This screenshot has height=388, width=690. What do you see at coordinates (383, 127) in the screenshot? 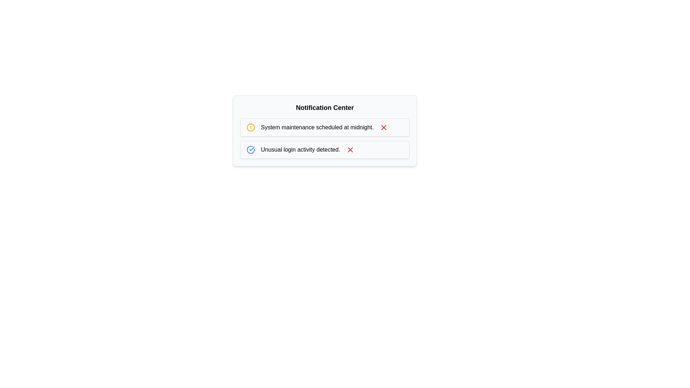
I see `the close or cancel icon located to the right of the 'Unusual login activity detected.' text in the second row of the notification list` at bounding box center [383, 127].